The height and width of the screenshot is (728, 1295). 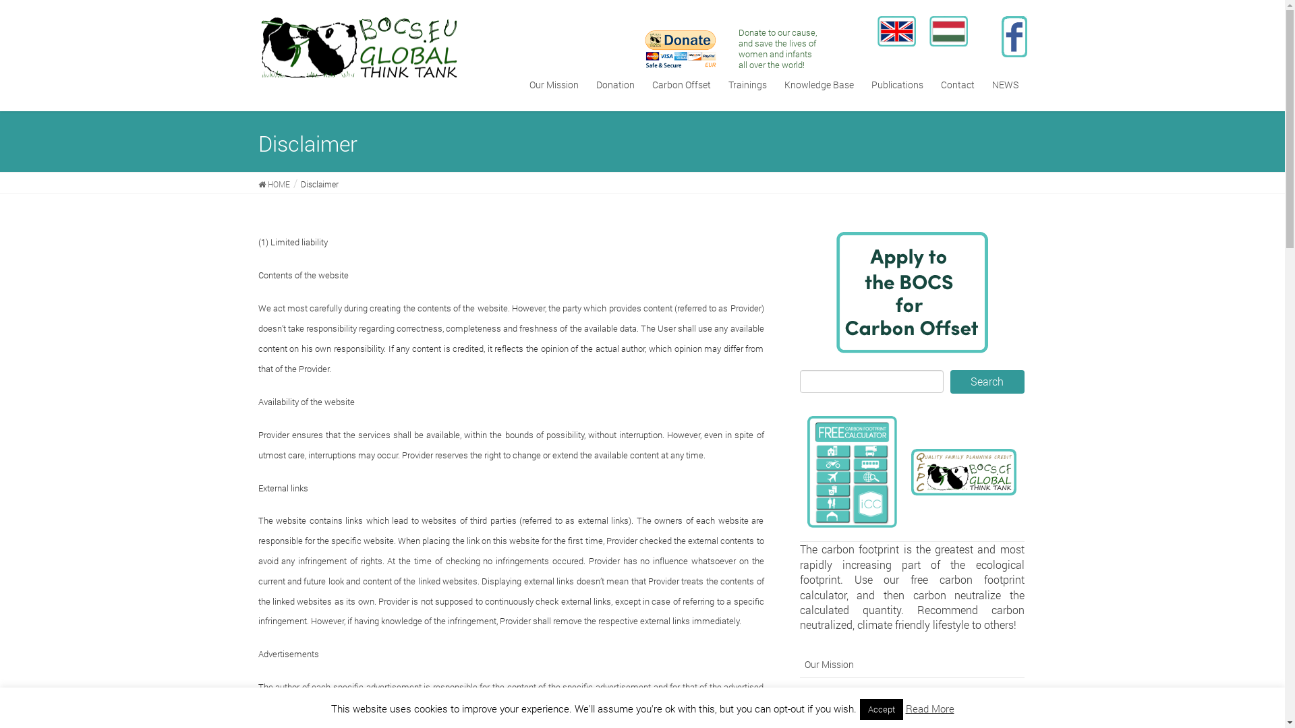 What do you see at coordinates (799, 692) in the screenshot?
I see `'About BOCS'` at bounding box center [799, 692].